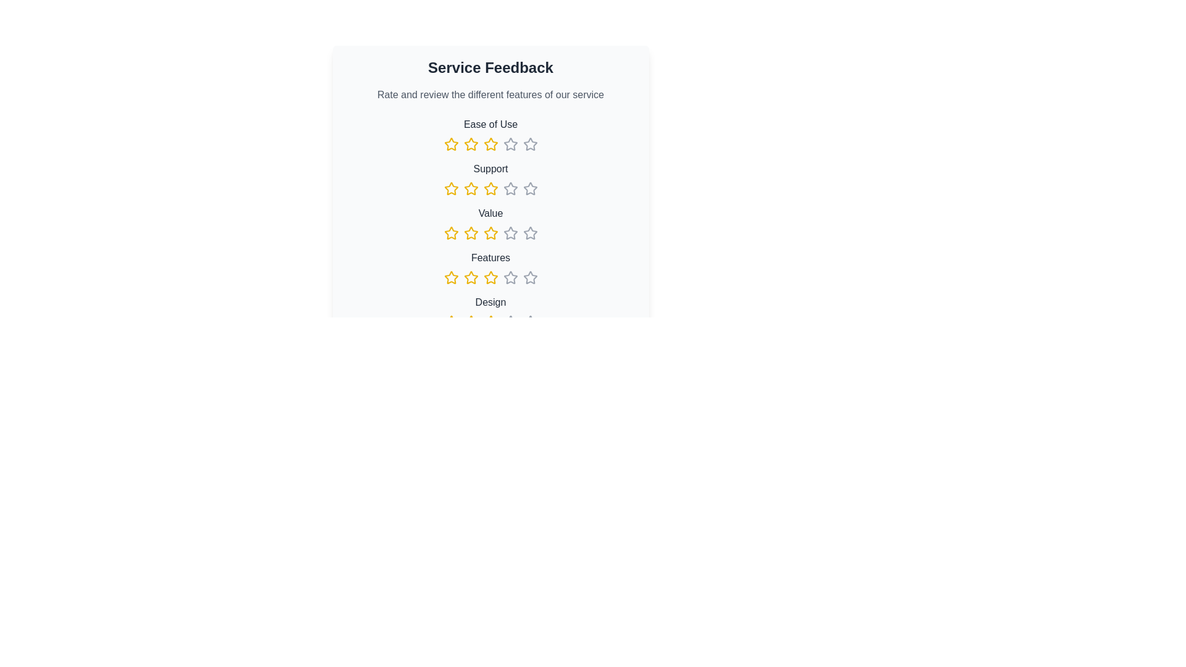 The height and width of the screenshot is (667, 1186). I want to click on the fourth star icon in the 'Value' rating row, so click(510, 233).